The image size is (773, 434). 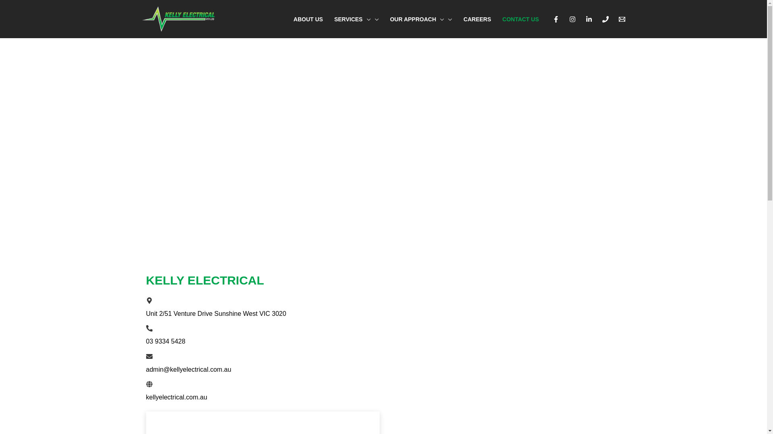 I want to click on 'CAREERS', so click(x=477, y=18).